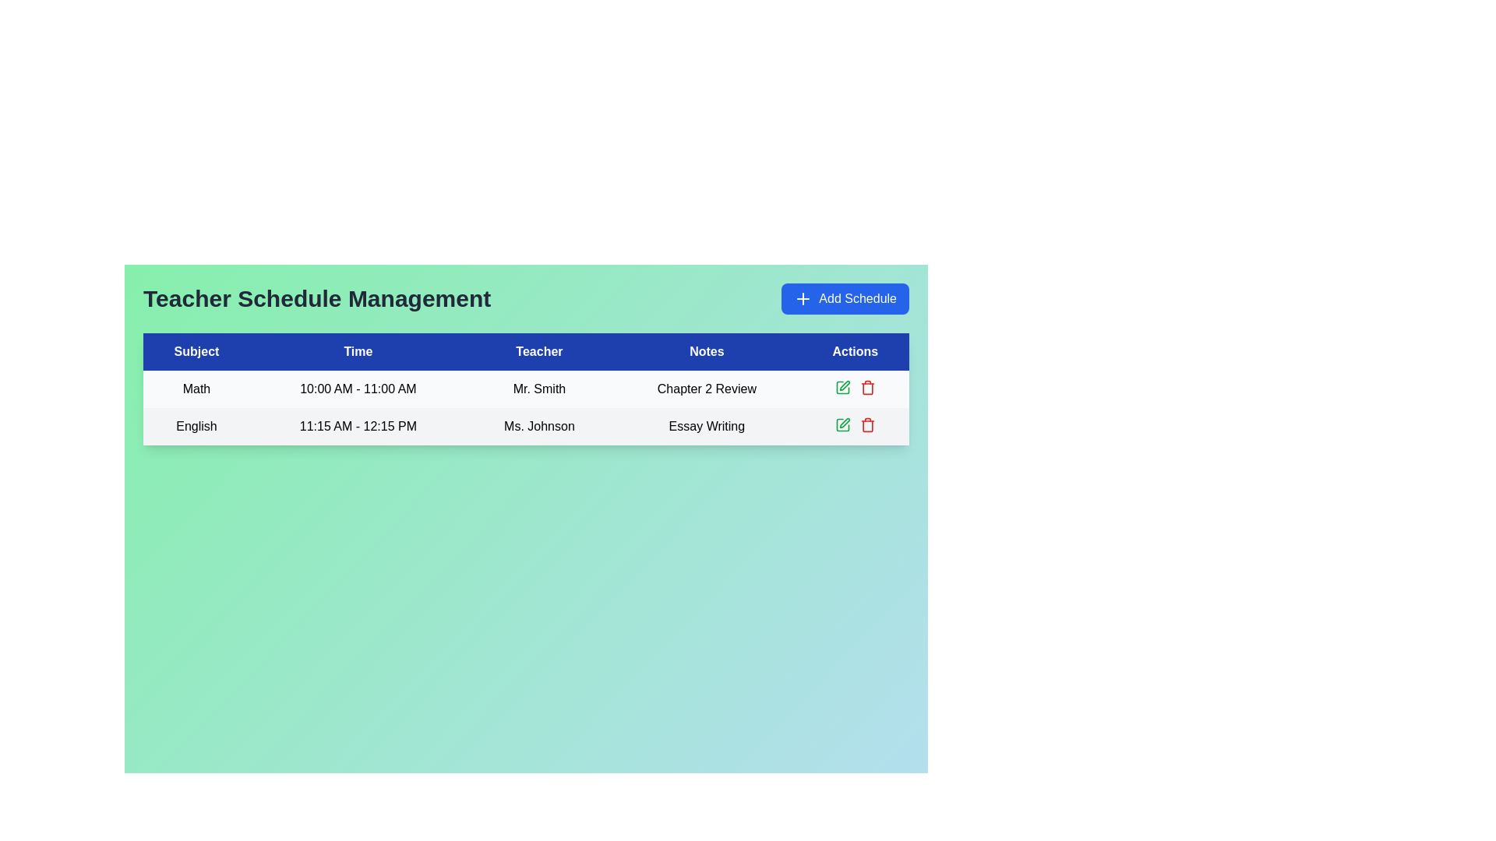 The height and width of the screenshot is (841, 1496). What do you see at coordinates (866, 426) in the screenshot?
I see `the minimalist outline trash bin icon located in the 'Actions' column of the second row in the table` at bounding box center [866, 426].